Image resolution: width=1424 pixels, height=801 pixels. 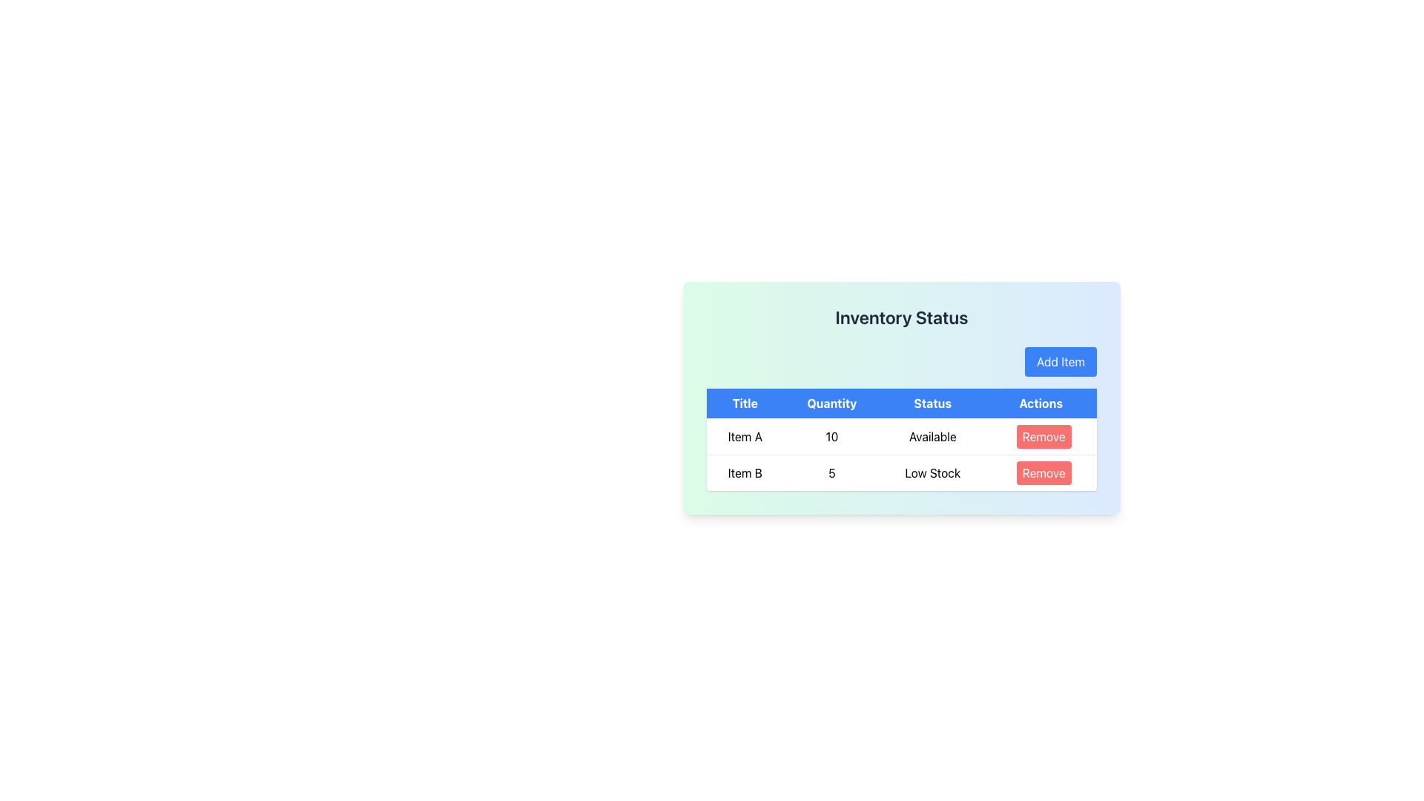 I want to click on the 'Remove' button styled with a red background and white text located in the 'Actions' column for 'Item B' and 'Low Stock', so click(x=1040, y=472).